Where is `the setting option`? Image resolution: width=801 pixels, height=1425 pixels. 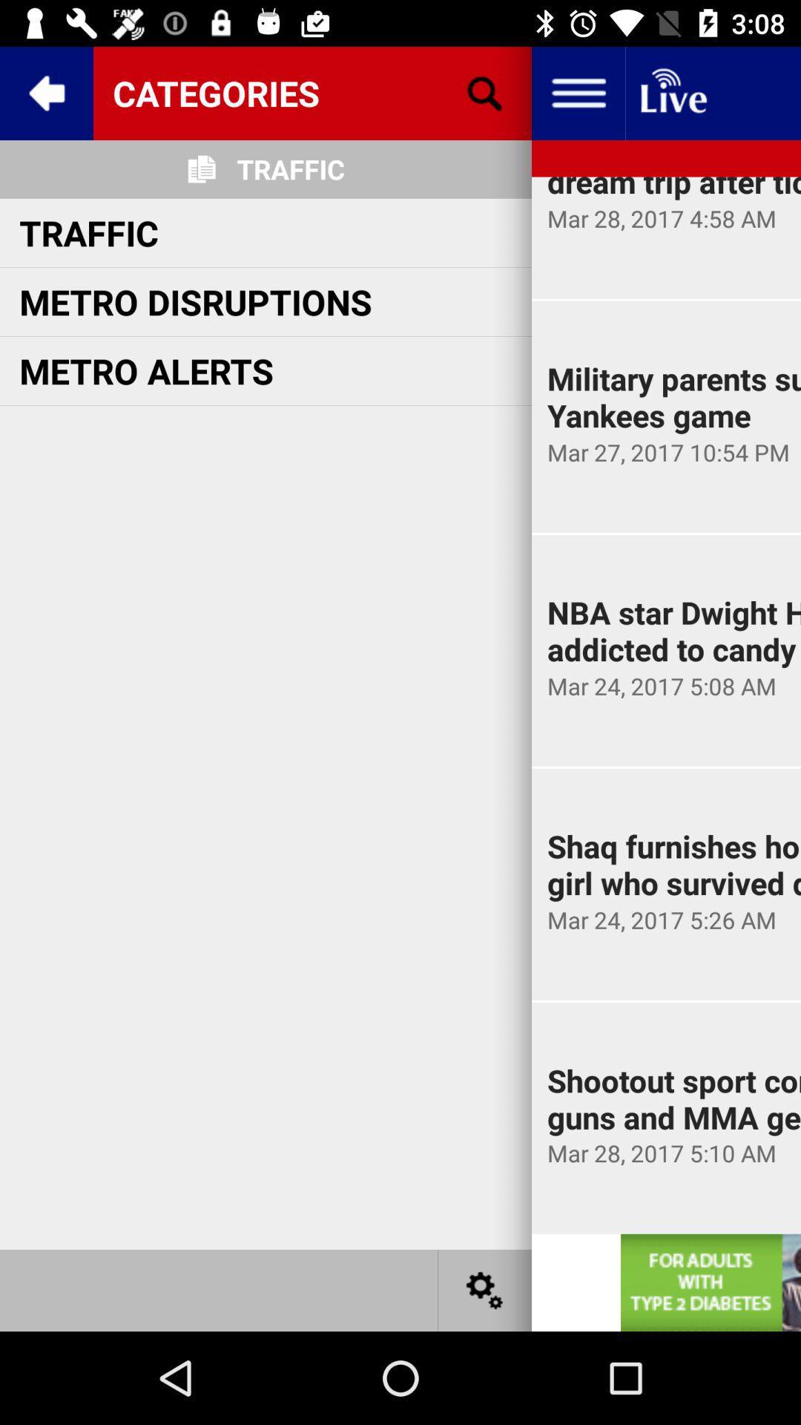 the setting option is located at coordinates (485, 1289).